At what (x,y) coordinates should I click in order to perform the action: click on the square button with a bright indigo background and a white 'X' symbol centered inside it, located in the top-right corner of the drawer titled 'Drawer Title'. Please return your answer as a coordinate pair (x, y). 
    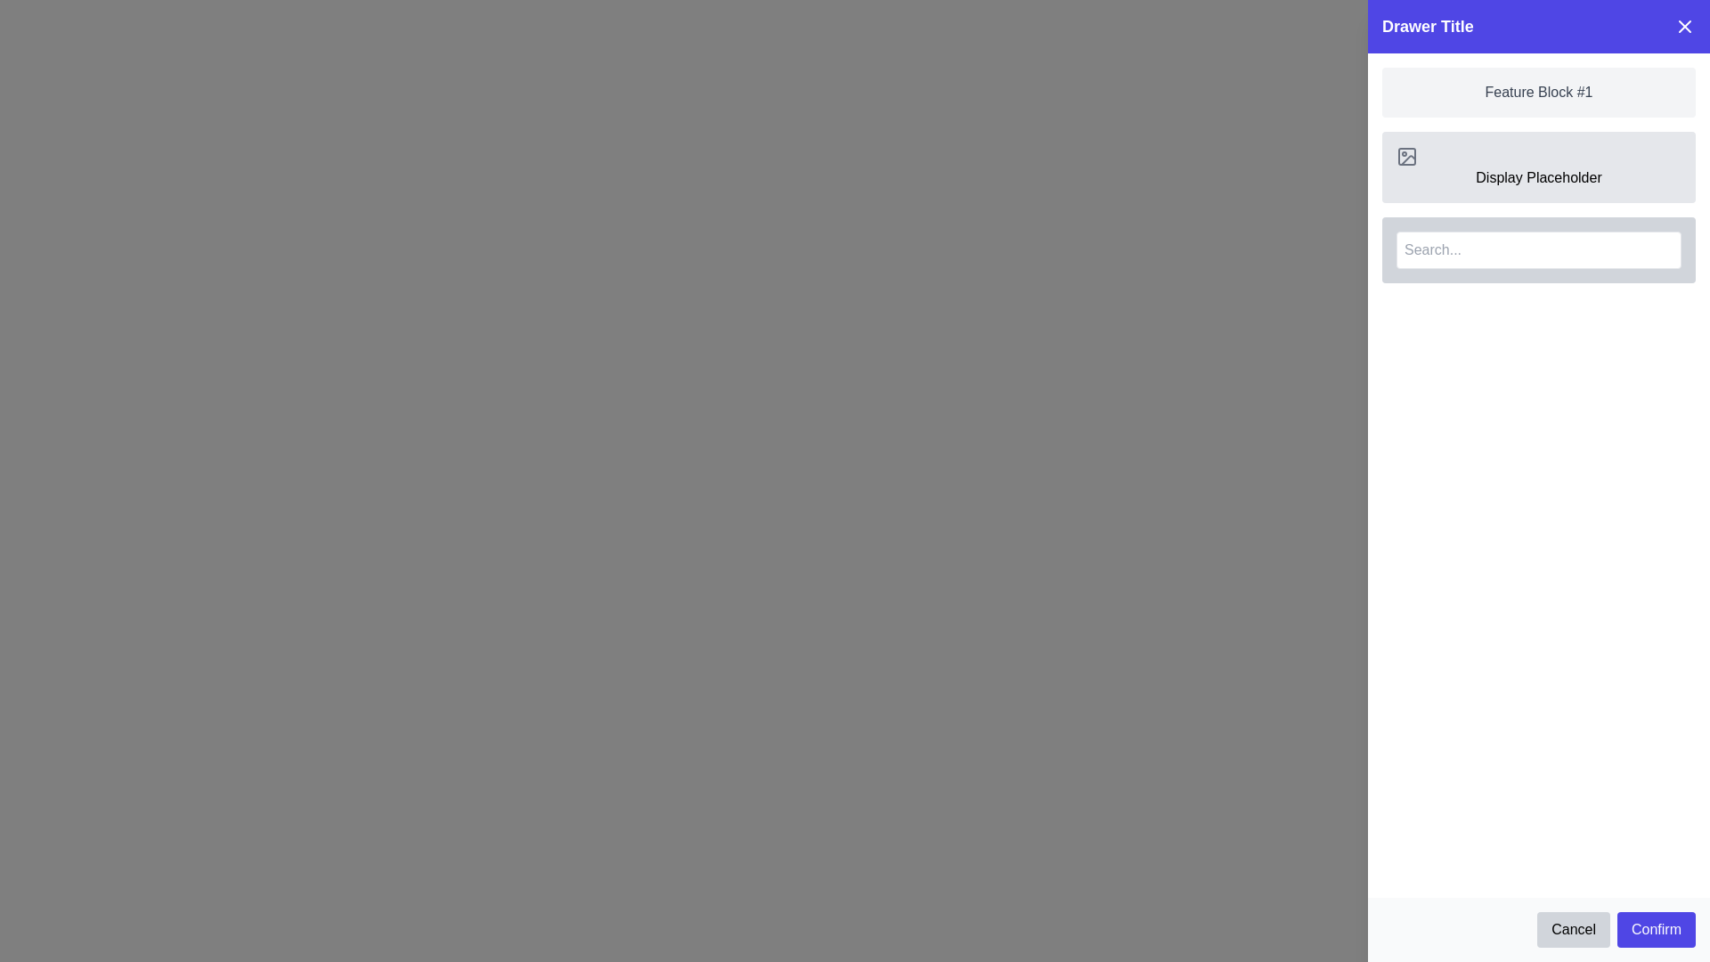
    Looking at the image, I should click on (1673, 35).